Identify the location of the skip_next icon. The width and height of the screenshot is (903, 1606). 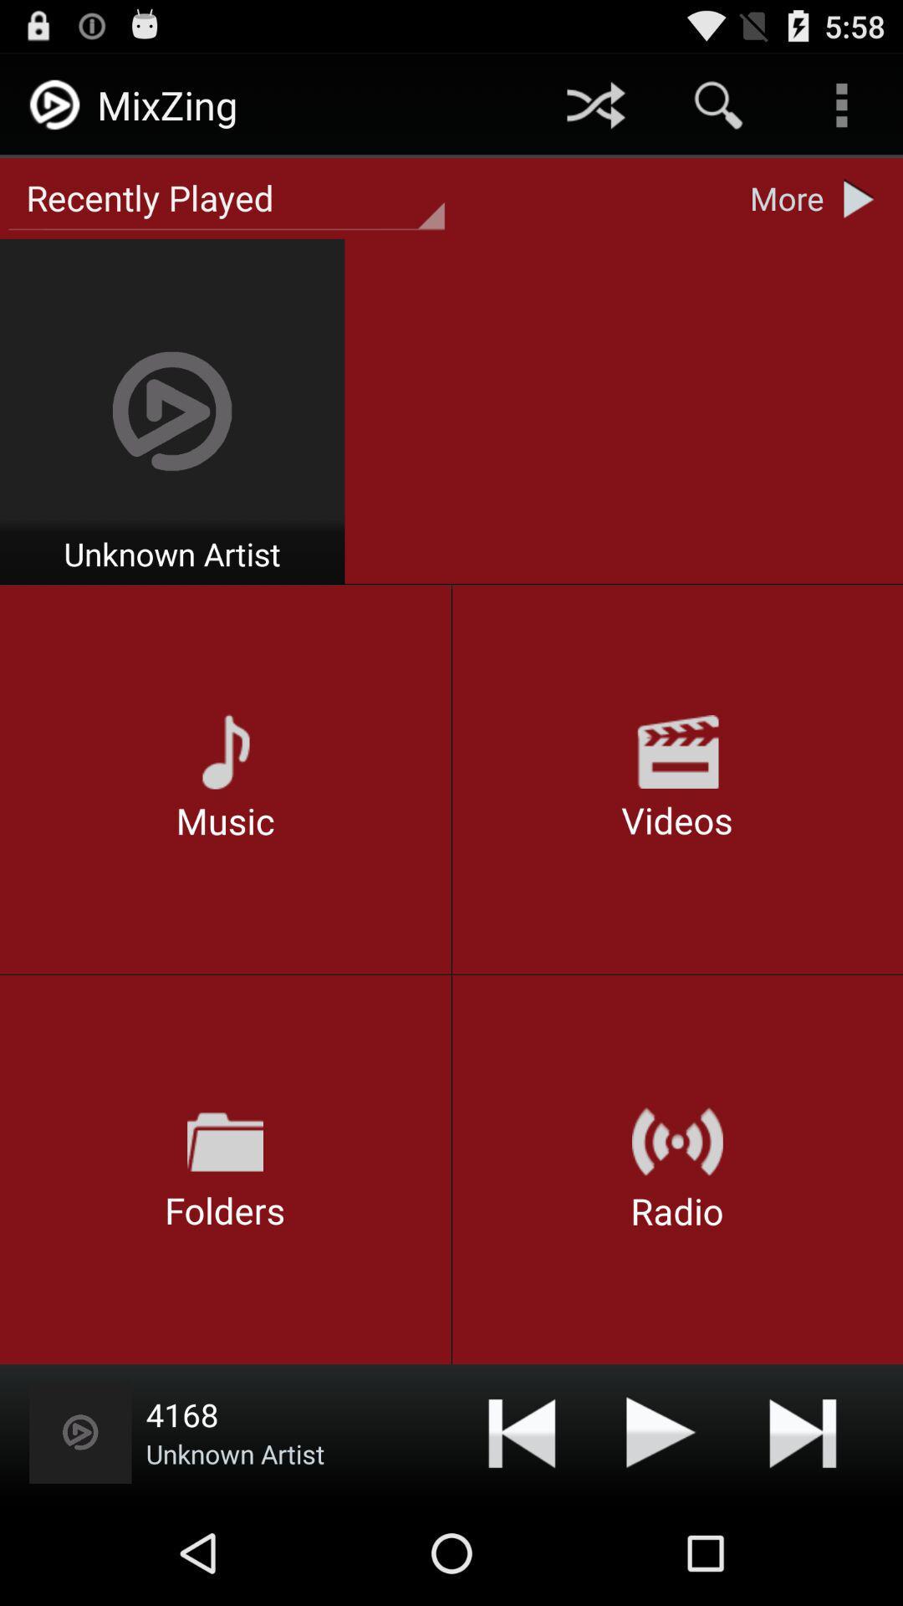
(802, 1532).